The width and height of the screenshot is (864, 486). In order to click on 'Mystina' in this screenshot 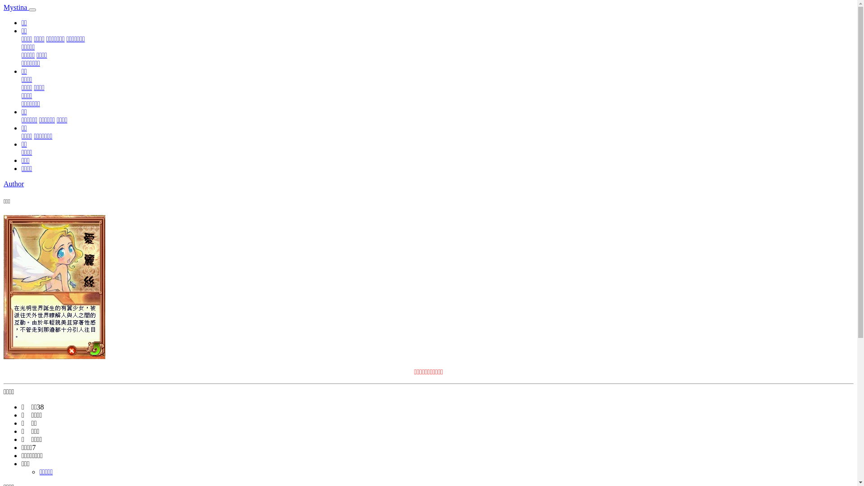, I will do `click(16, 7)`.